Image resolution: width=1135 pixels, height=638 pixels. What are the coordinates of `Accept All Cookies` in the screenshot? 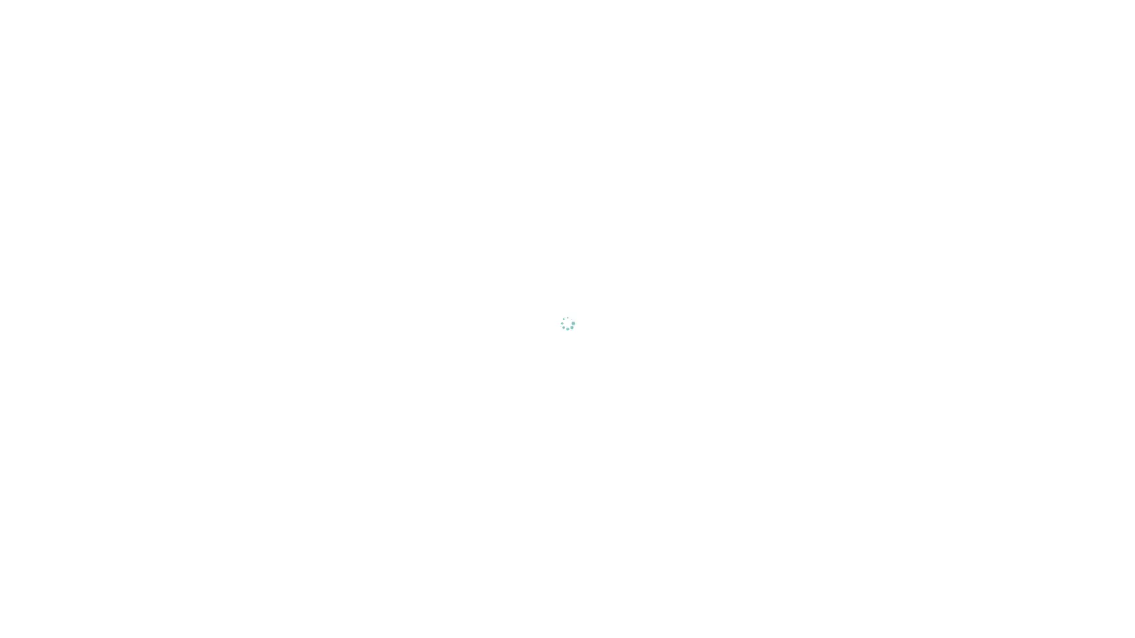 It's located at (706, 134).